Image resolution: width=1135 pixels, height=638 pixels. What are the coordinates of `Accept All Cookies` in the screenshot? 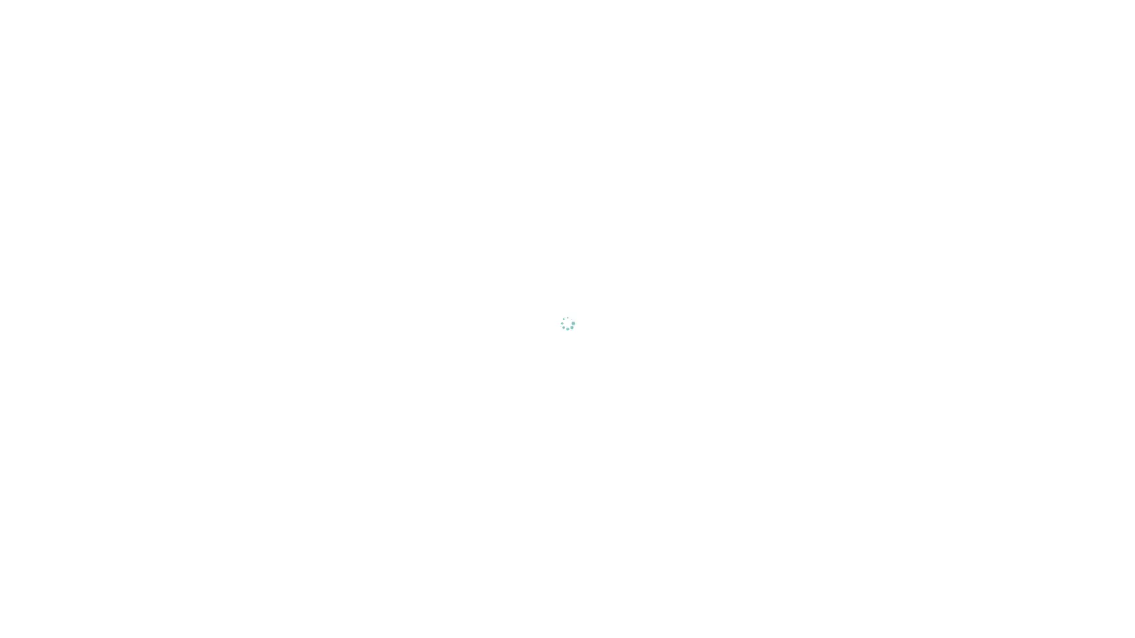 It's located at (706, 134).